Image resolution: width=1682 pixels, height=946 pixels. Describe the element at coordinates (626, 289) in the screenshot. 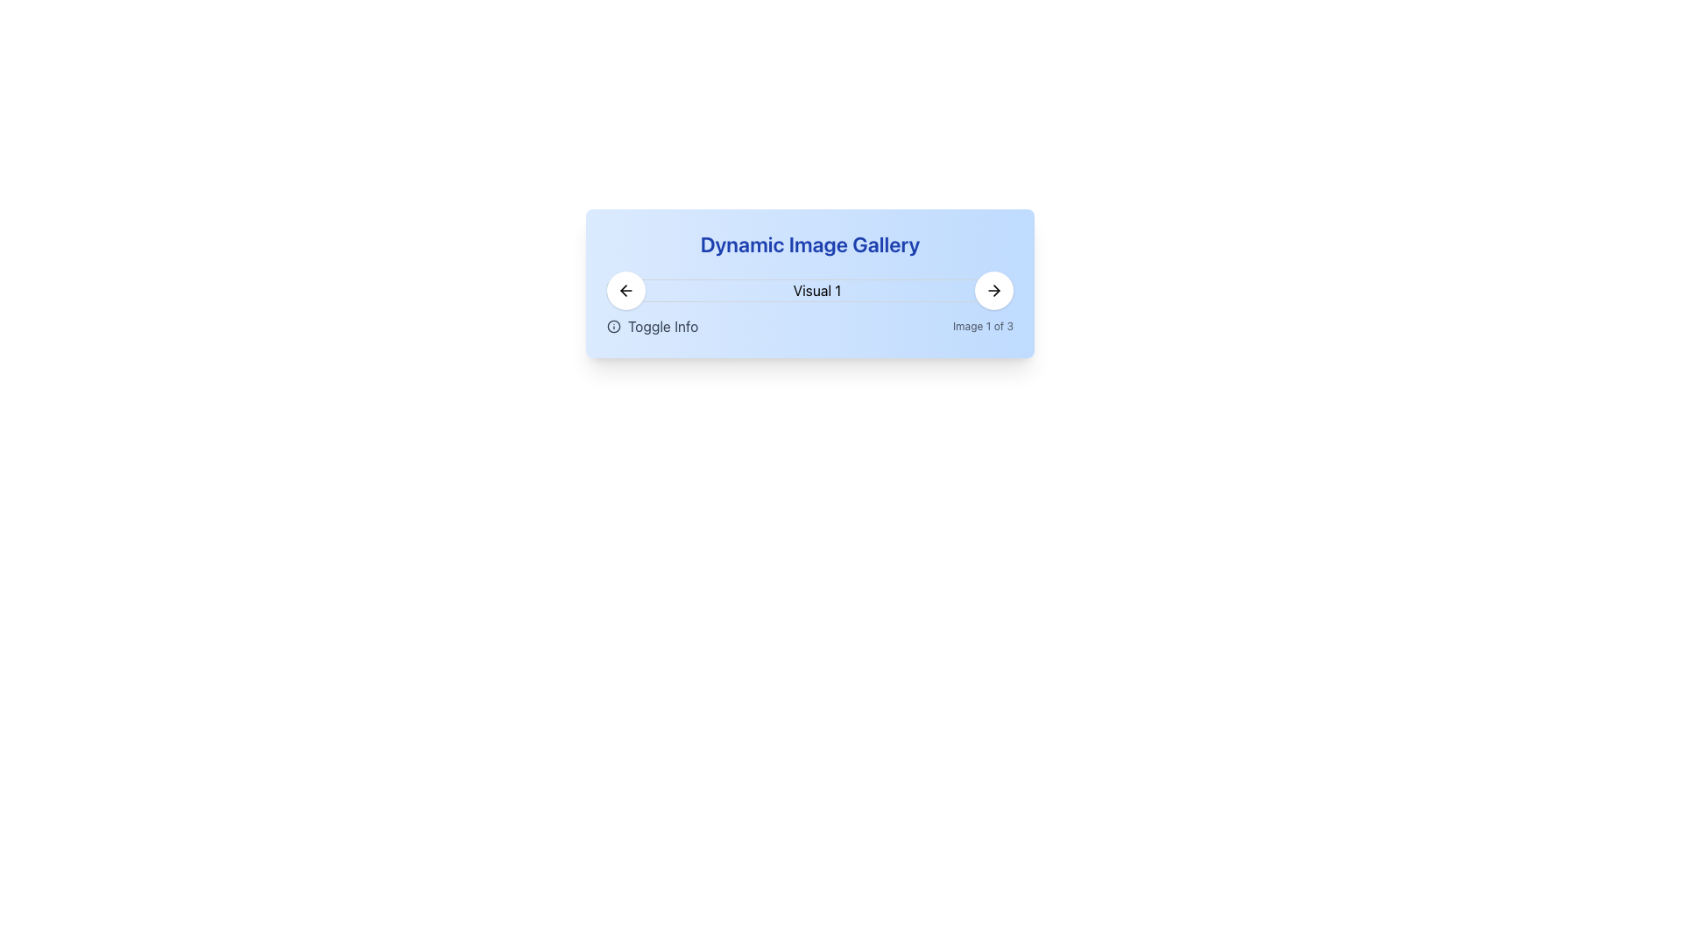

I see `the button that allows navigation to the previous image in the image gallery for accessibility` at that location.